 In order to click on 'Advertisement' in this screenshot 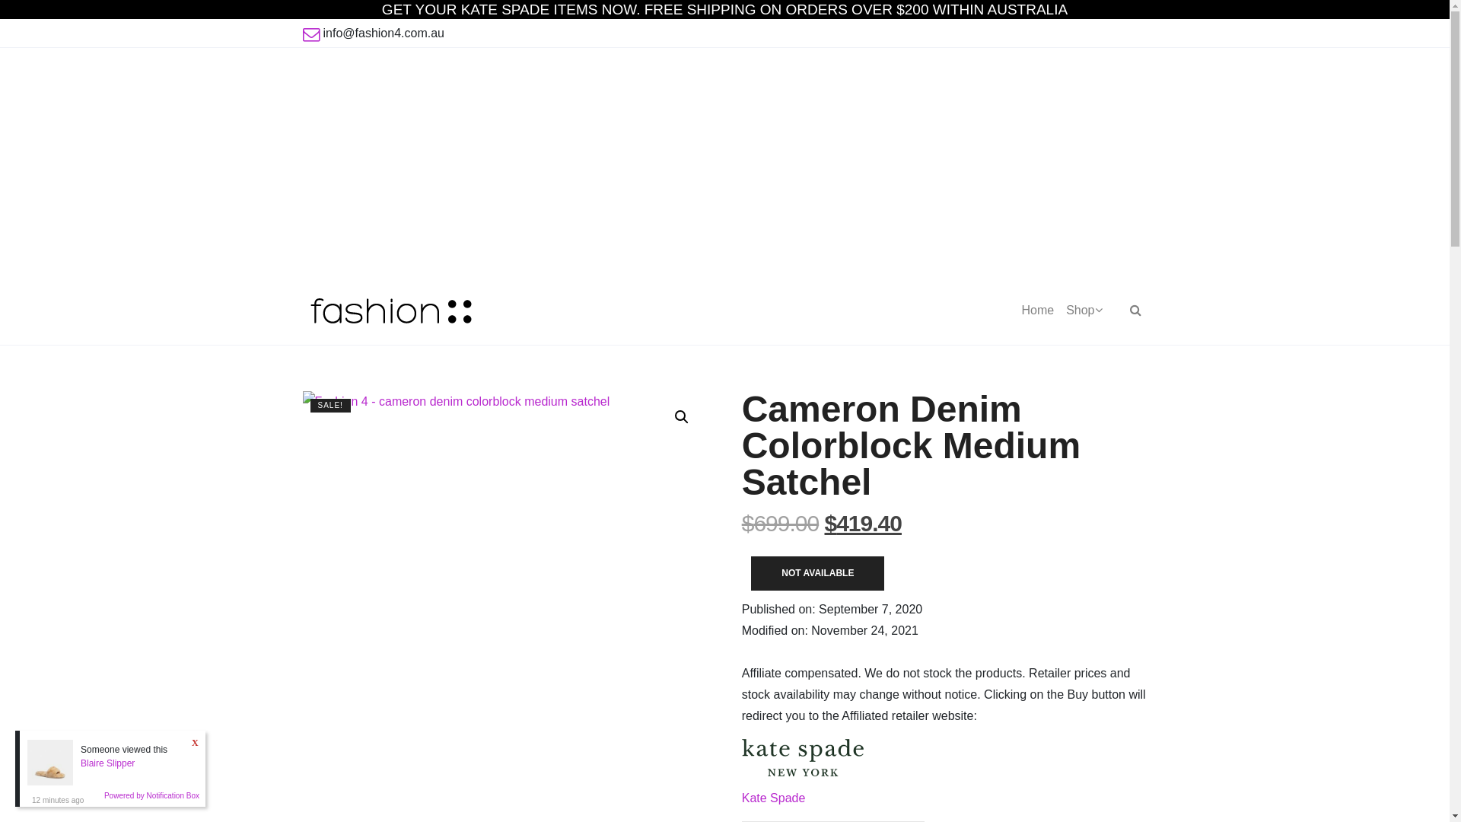, I will do `click(723, 161)`.